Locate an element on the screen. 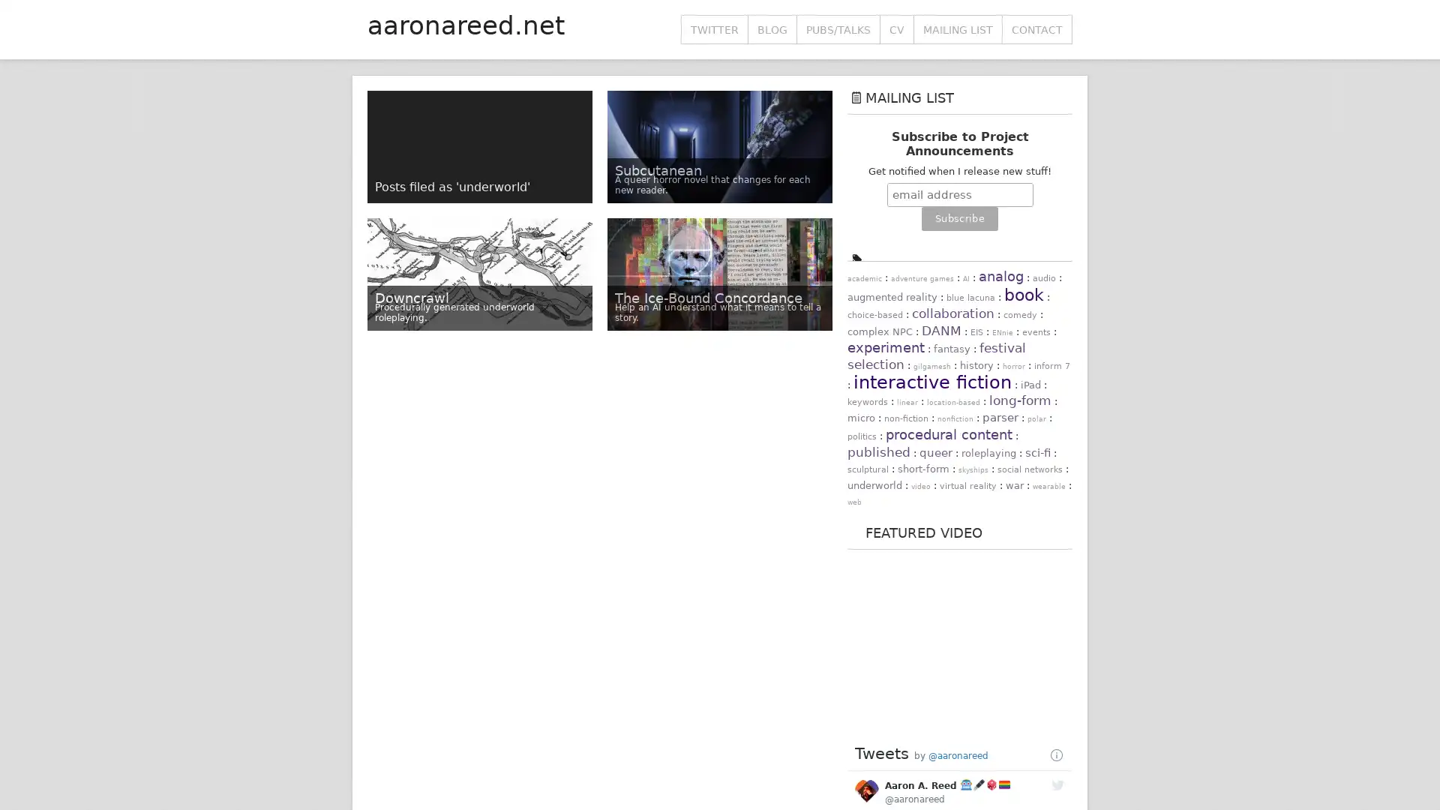 This screenshot has height=810, width=1440. Subscribe is located at coordinates (958, 219).